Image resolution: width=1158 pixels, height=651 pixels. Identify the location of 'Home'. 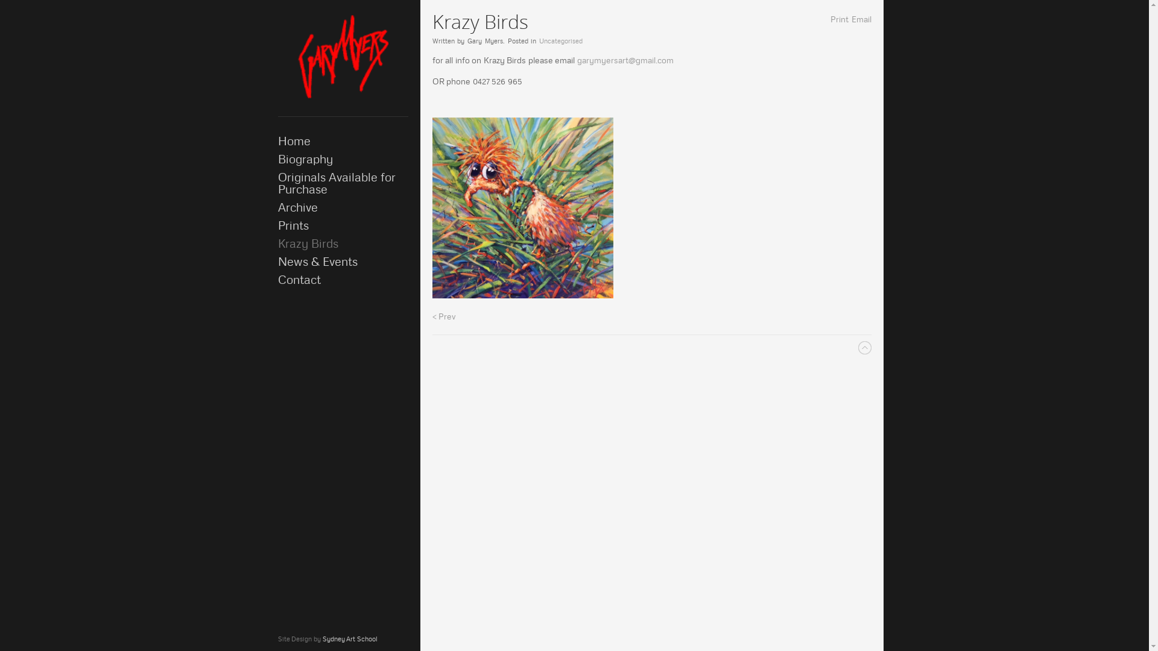
(341, 140).